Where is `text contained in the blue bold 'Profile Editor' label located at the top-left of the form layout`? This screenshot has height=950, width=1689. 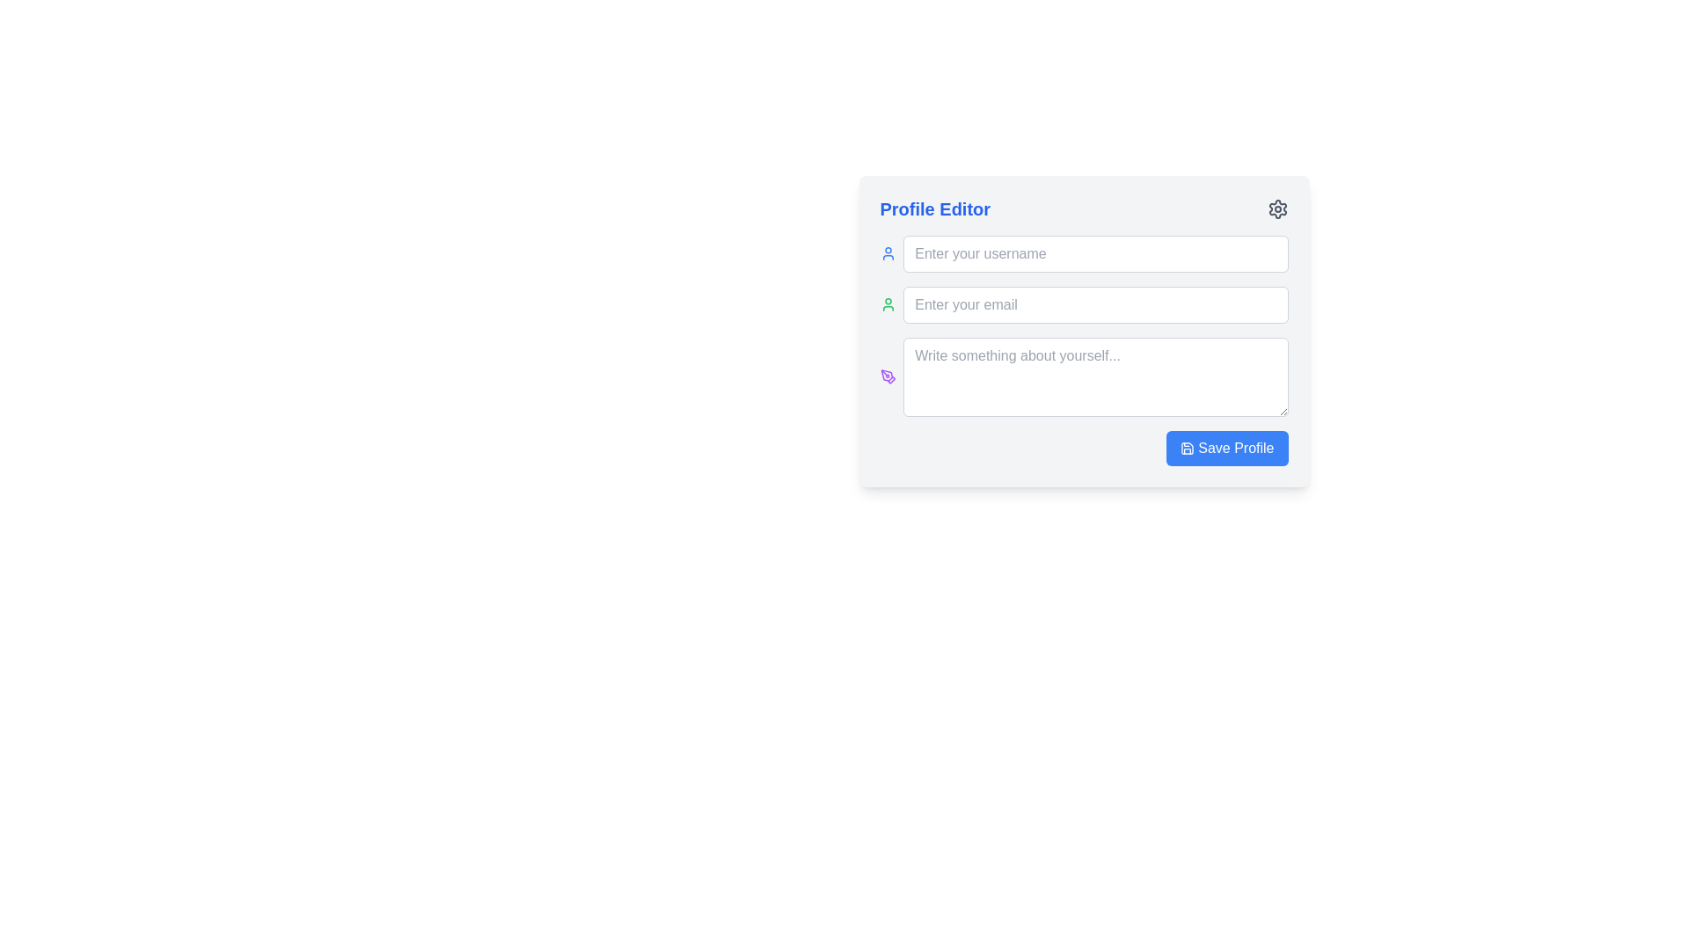
text contained in the blue bold 'Profile Editor' label located at the top-left of the form layout is located at coordinates (934, 208).